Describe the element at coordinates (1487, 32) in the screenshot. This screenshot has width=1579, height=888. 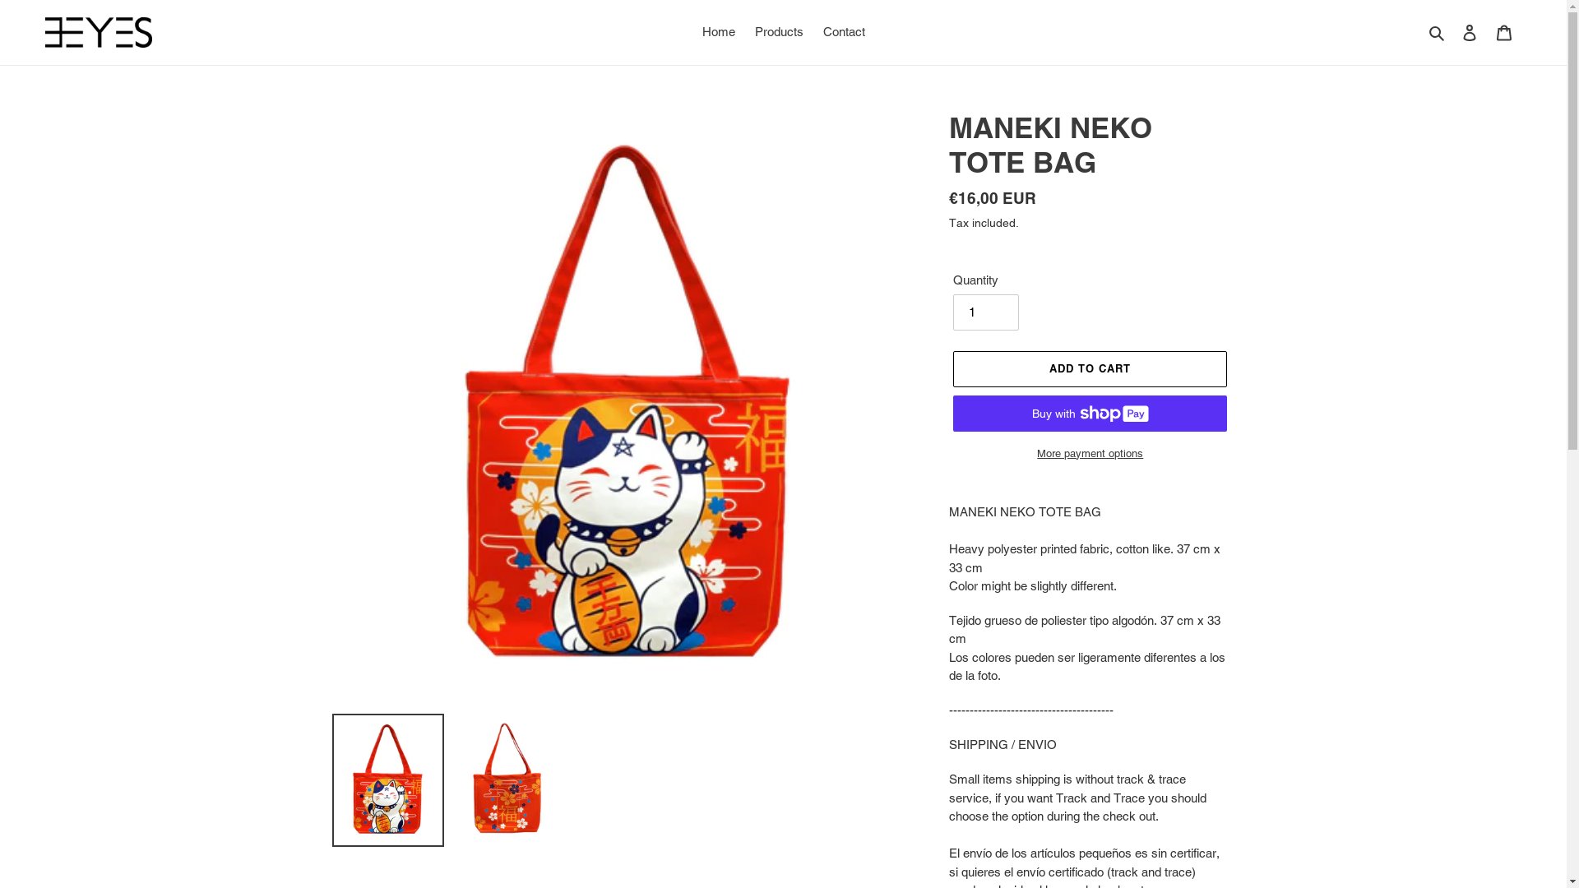
I see `'Cart'` at that location.